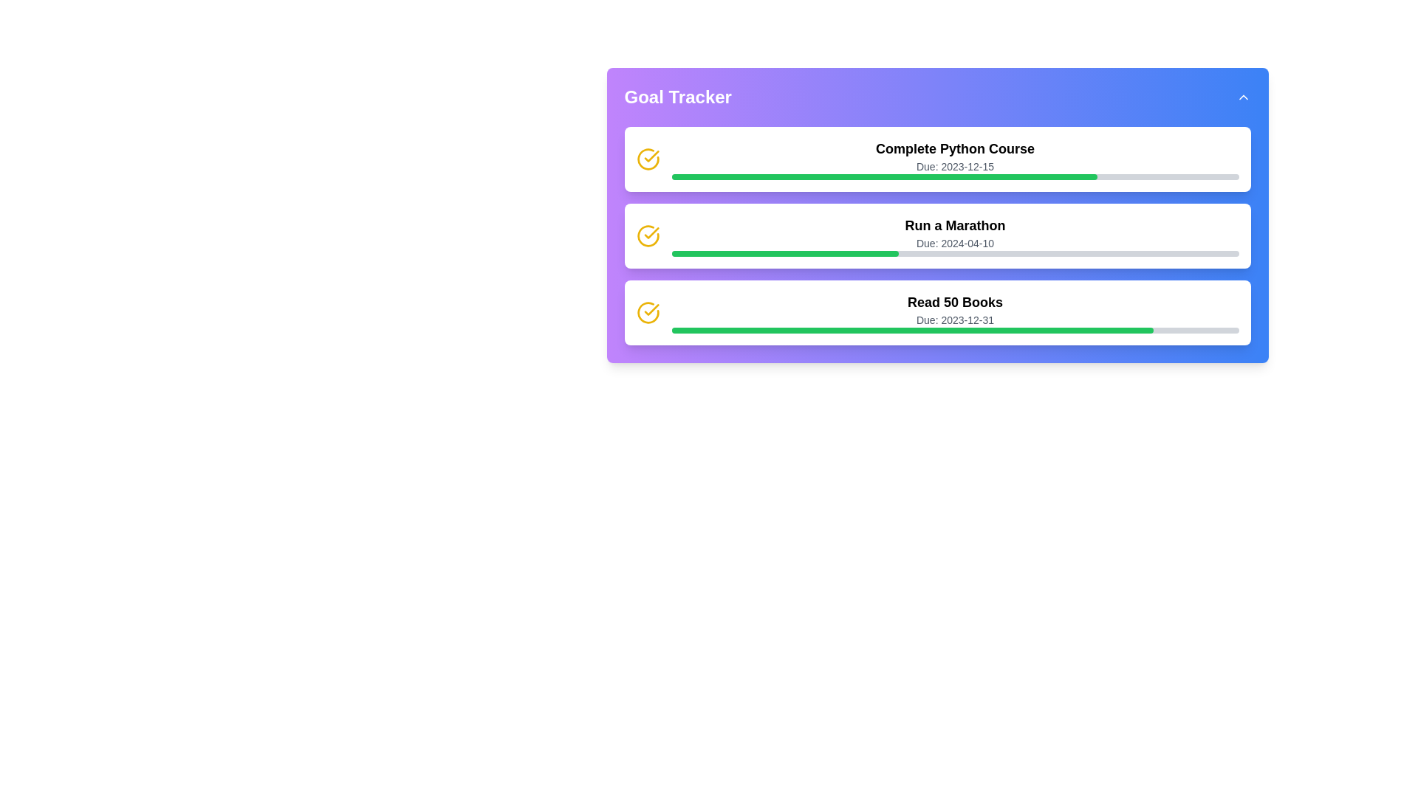 Image resolution: width=1418 pixels, height=797 pixels. Describe the element at coordinates (955, 225) in the screenshot. I see `the Text Label indicating the task or goal titled 'Run a Marathon' in the Goal Tracker interface, which is positioned above the 'Due: 2024-04-10' text` at that location.